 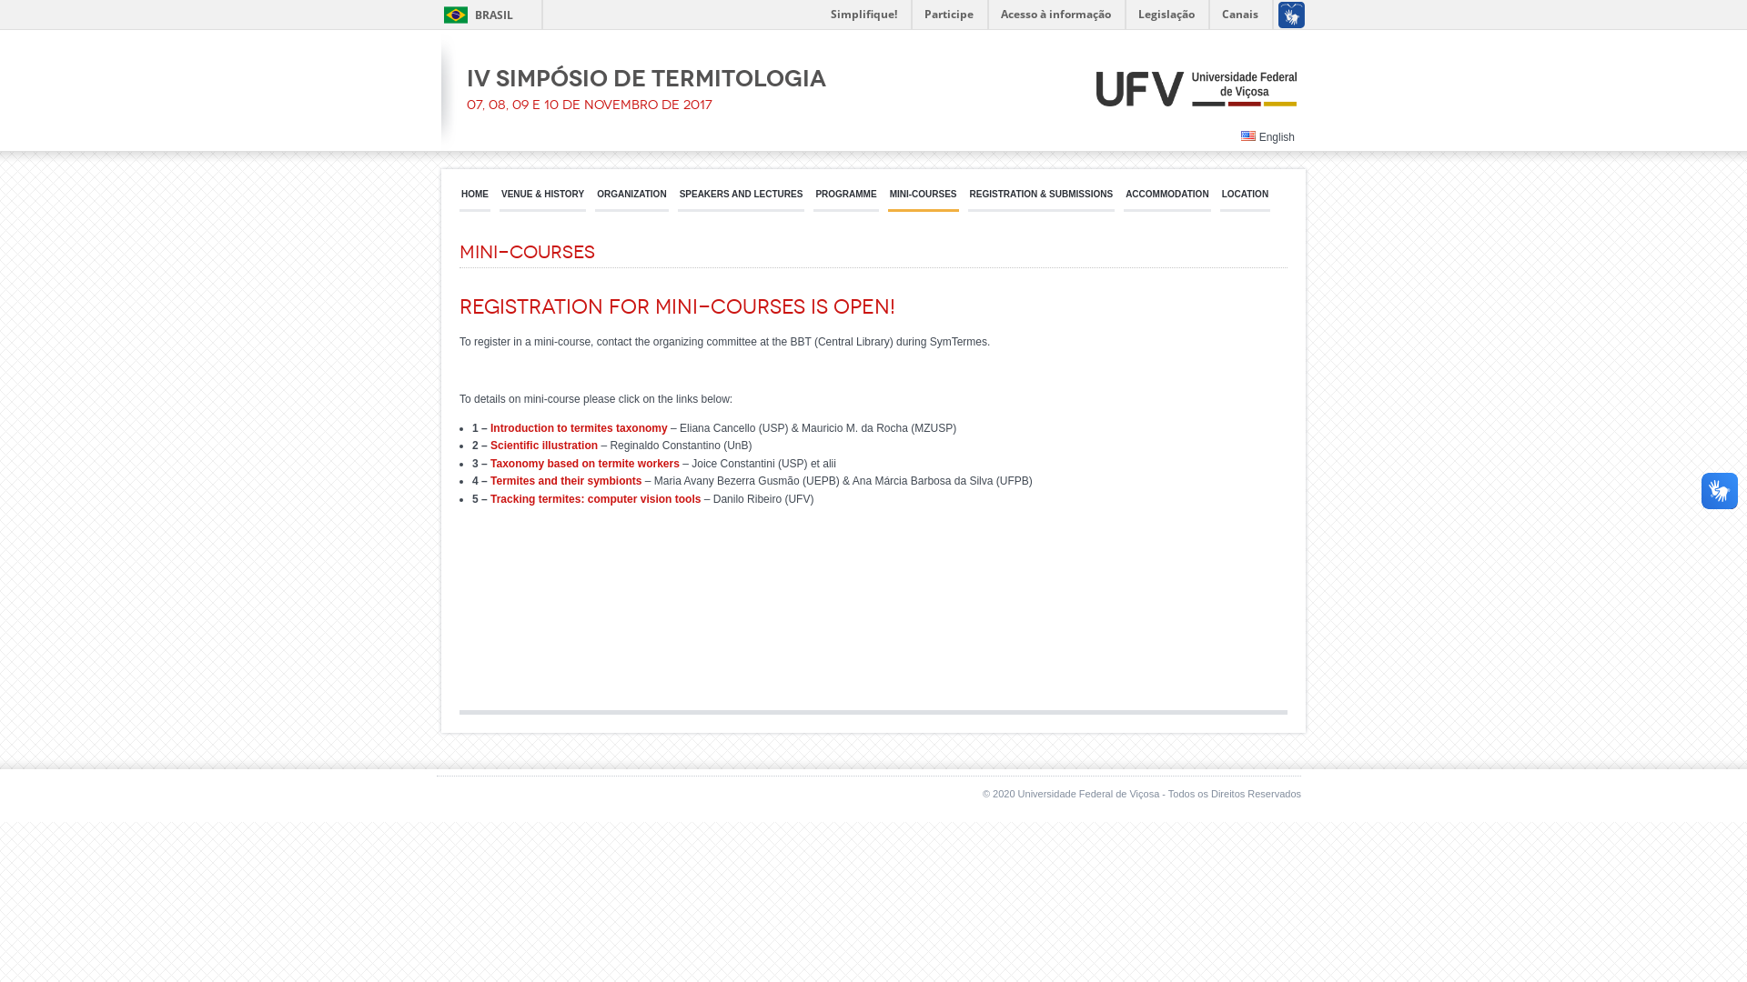 What do you see at coordinates (967, 199) in the screenshot?
I see `'REGISTRATION & SUBMISSIONS'` at bounding box center [967, 199].